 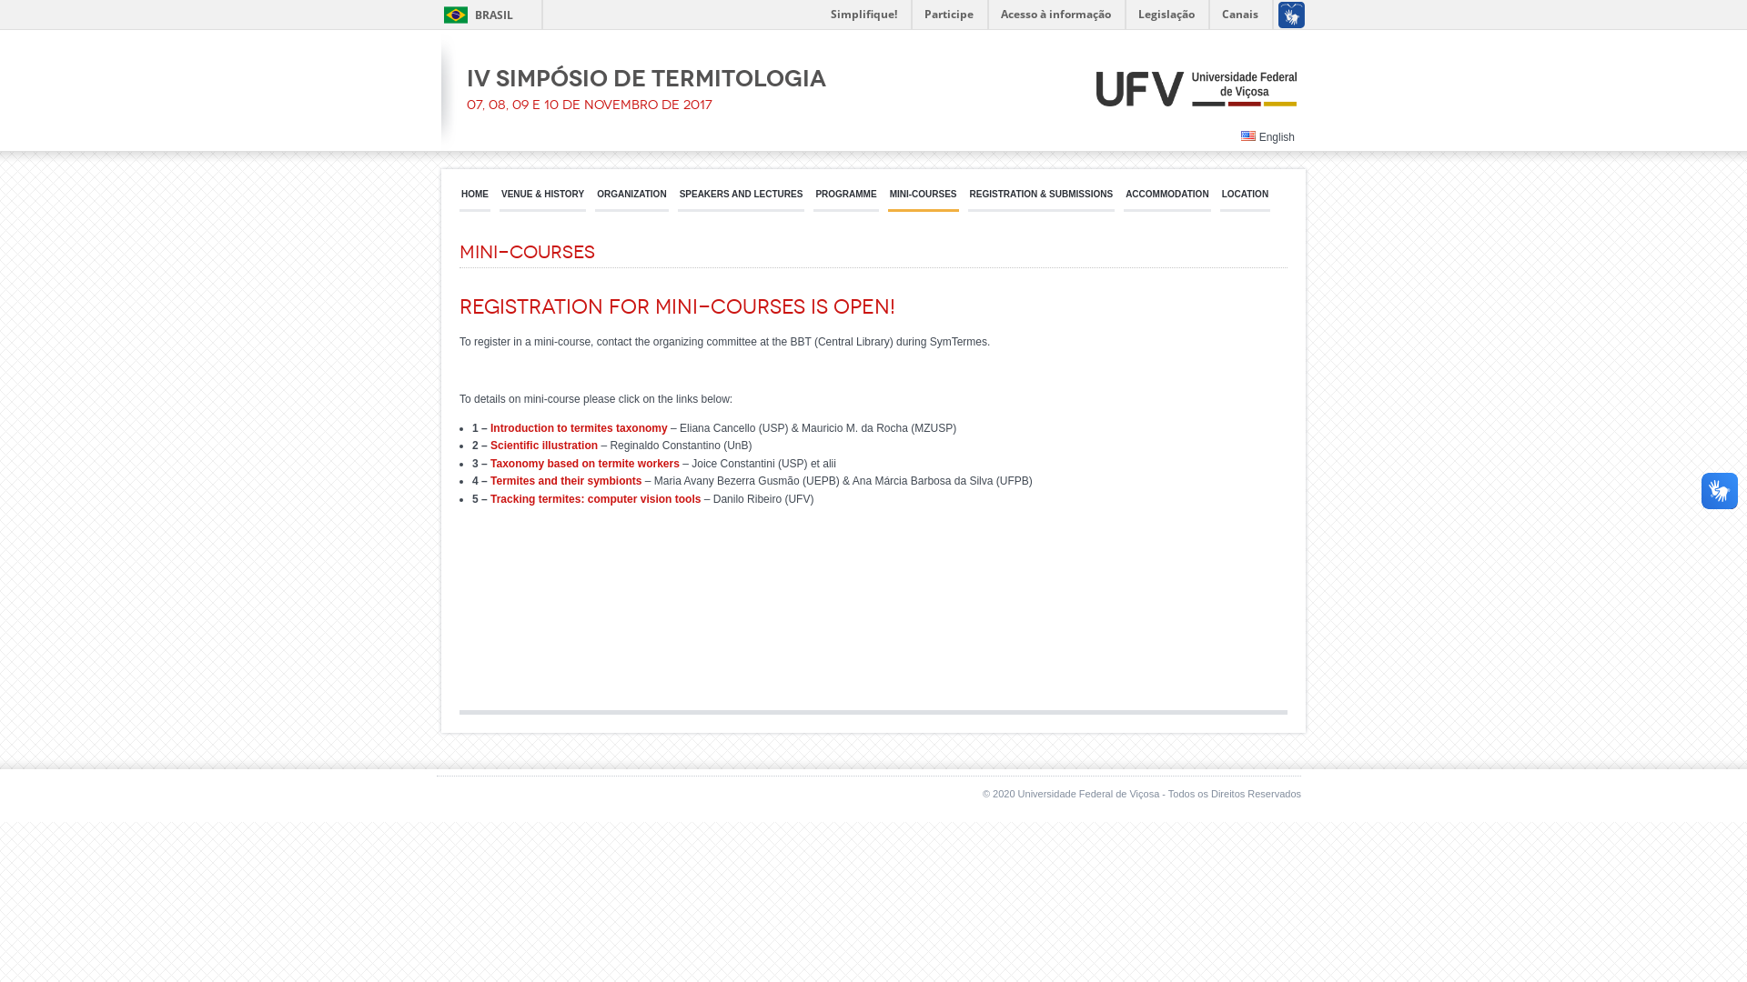 What do you see at coordinates (967, 199) in the screenshot?
I see `'REGISTRATION & SUBMISSIONS'` at bounding box center [967, 199].